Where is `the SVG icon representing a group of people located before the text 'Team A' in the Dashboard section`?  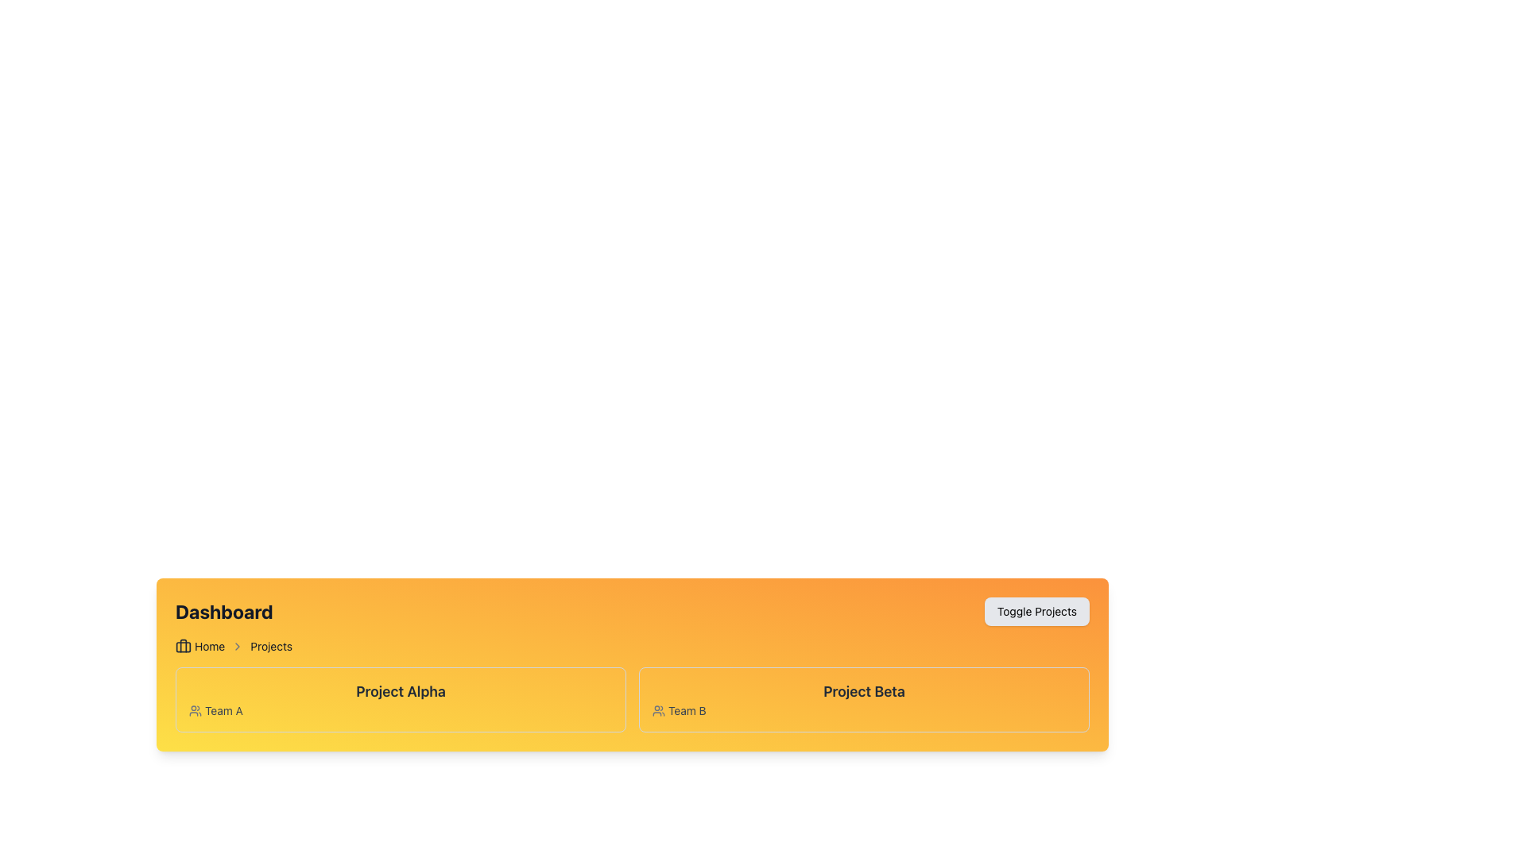 the SVG icon representing a group of people located before the text 'Team A' in the Dashboard section is located at coordinates (194, 709).